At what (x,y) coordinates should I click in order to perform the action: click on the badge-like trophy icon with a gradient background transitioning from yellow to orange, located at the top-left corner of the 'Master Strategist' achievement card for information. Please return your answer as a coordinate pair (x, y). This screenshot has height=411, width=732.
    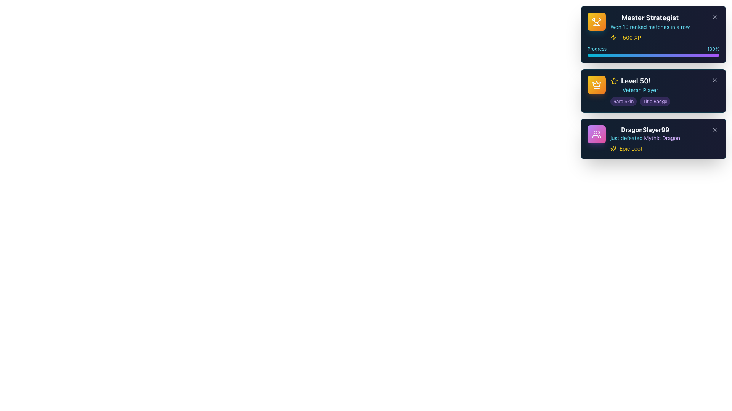
    Looking at the image, I should click on (596, 21).